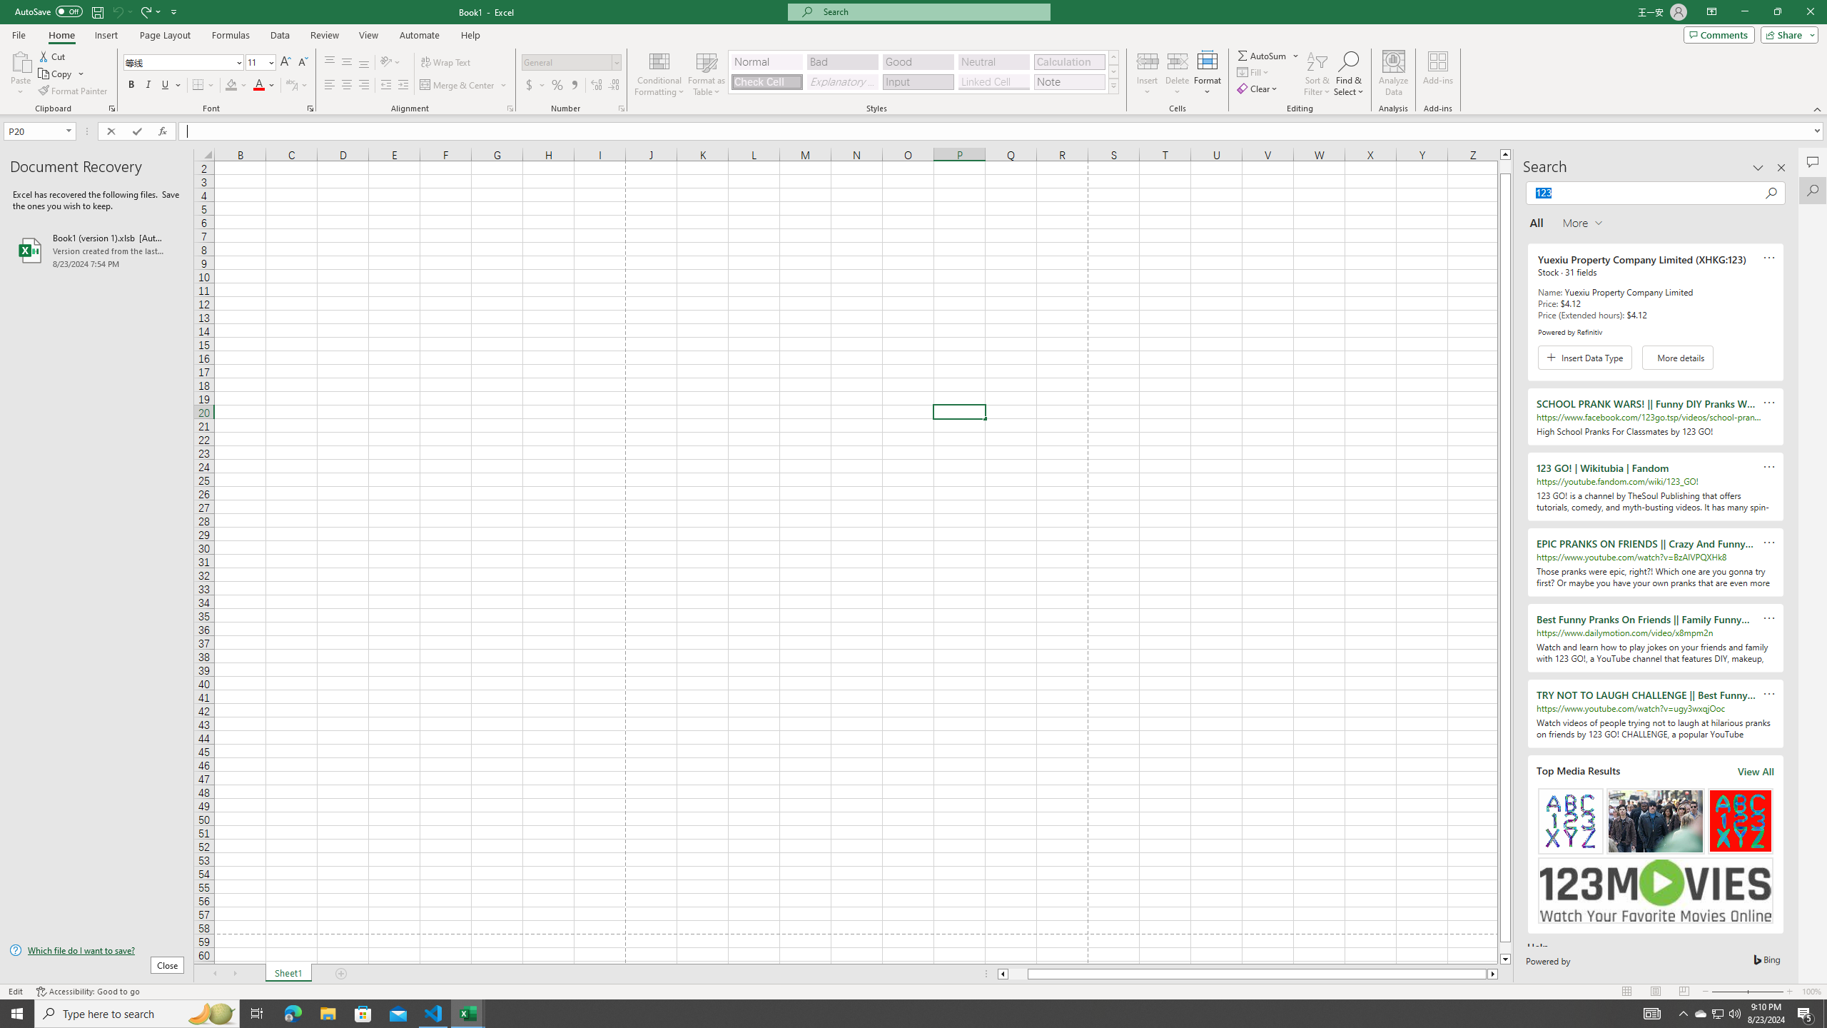  What do you see at coordinates (993, 62) in the screenshot?
I see `'Neutral'` at bounding box center [993, 62].